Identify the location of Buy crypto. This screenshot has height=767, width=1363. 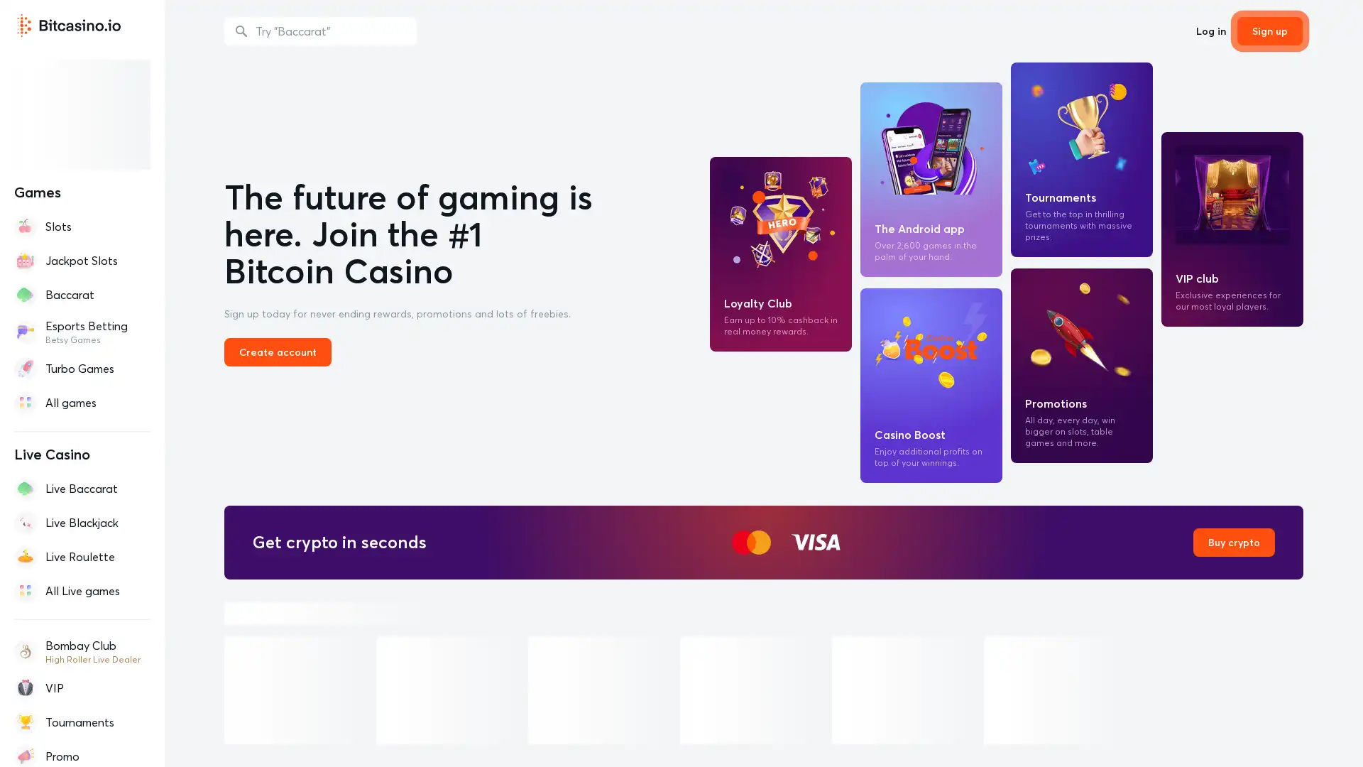
(1233, 542).